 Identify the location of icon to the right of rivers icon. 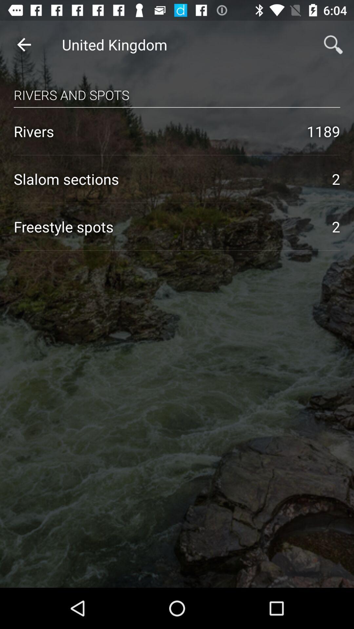
(323, 131).